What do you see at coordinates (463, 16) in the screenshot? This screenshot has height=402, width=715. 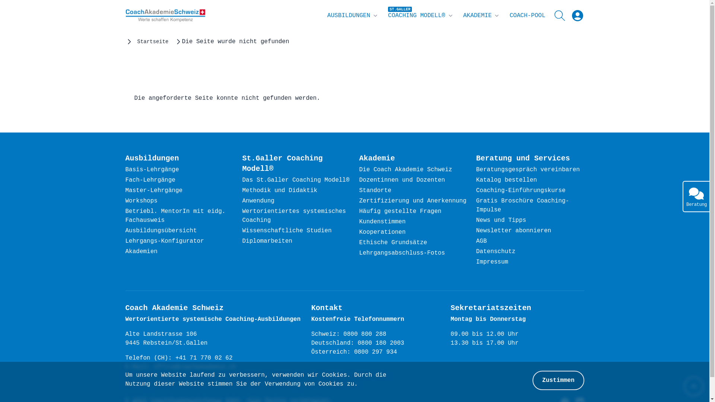 I see `'AKADEMIE'` at bounding box center [463, 16].